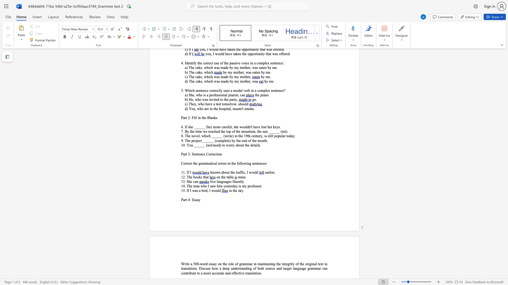  What do you see at coordinates (190, 163) in the screenshot?
I see `the space between the continuous character "c" and "t" in the text` at bounding box center [190, 163].